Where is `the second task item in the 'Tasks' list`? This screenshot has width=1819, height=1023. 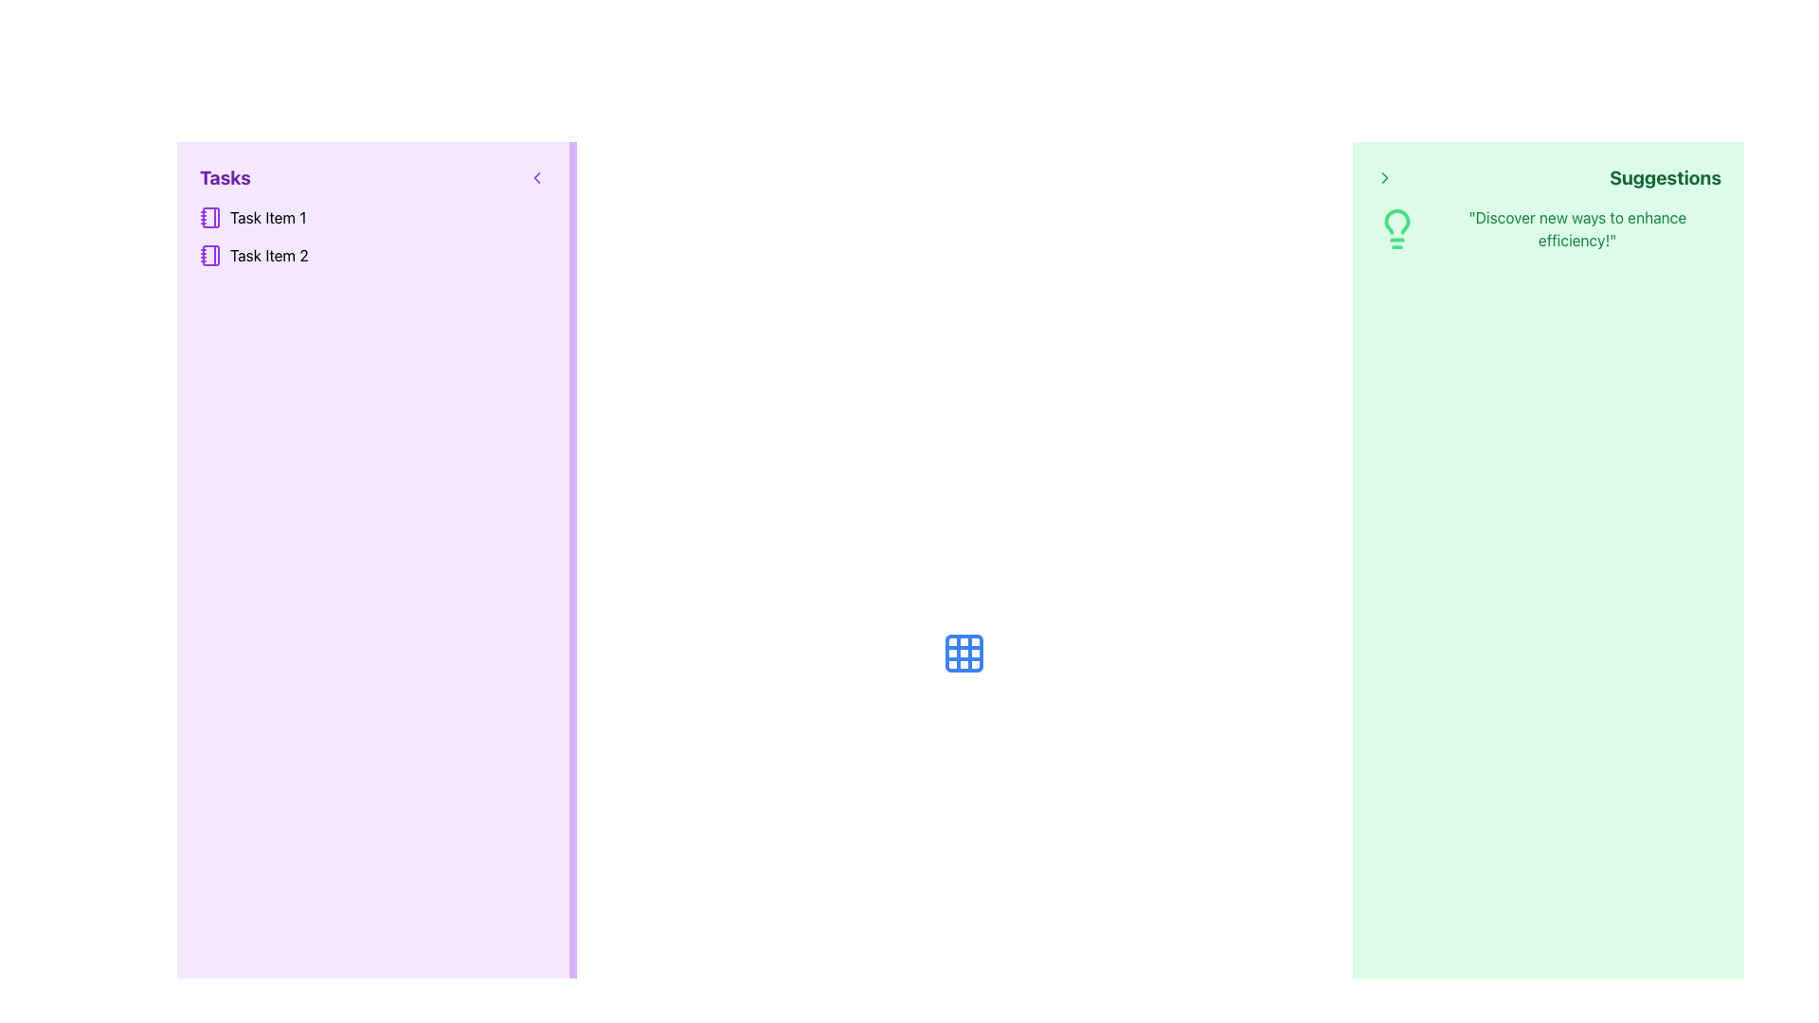 the second task item in the 'Tasks' list is located at coordinates (372, 256).